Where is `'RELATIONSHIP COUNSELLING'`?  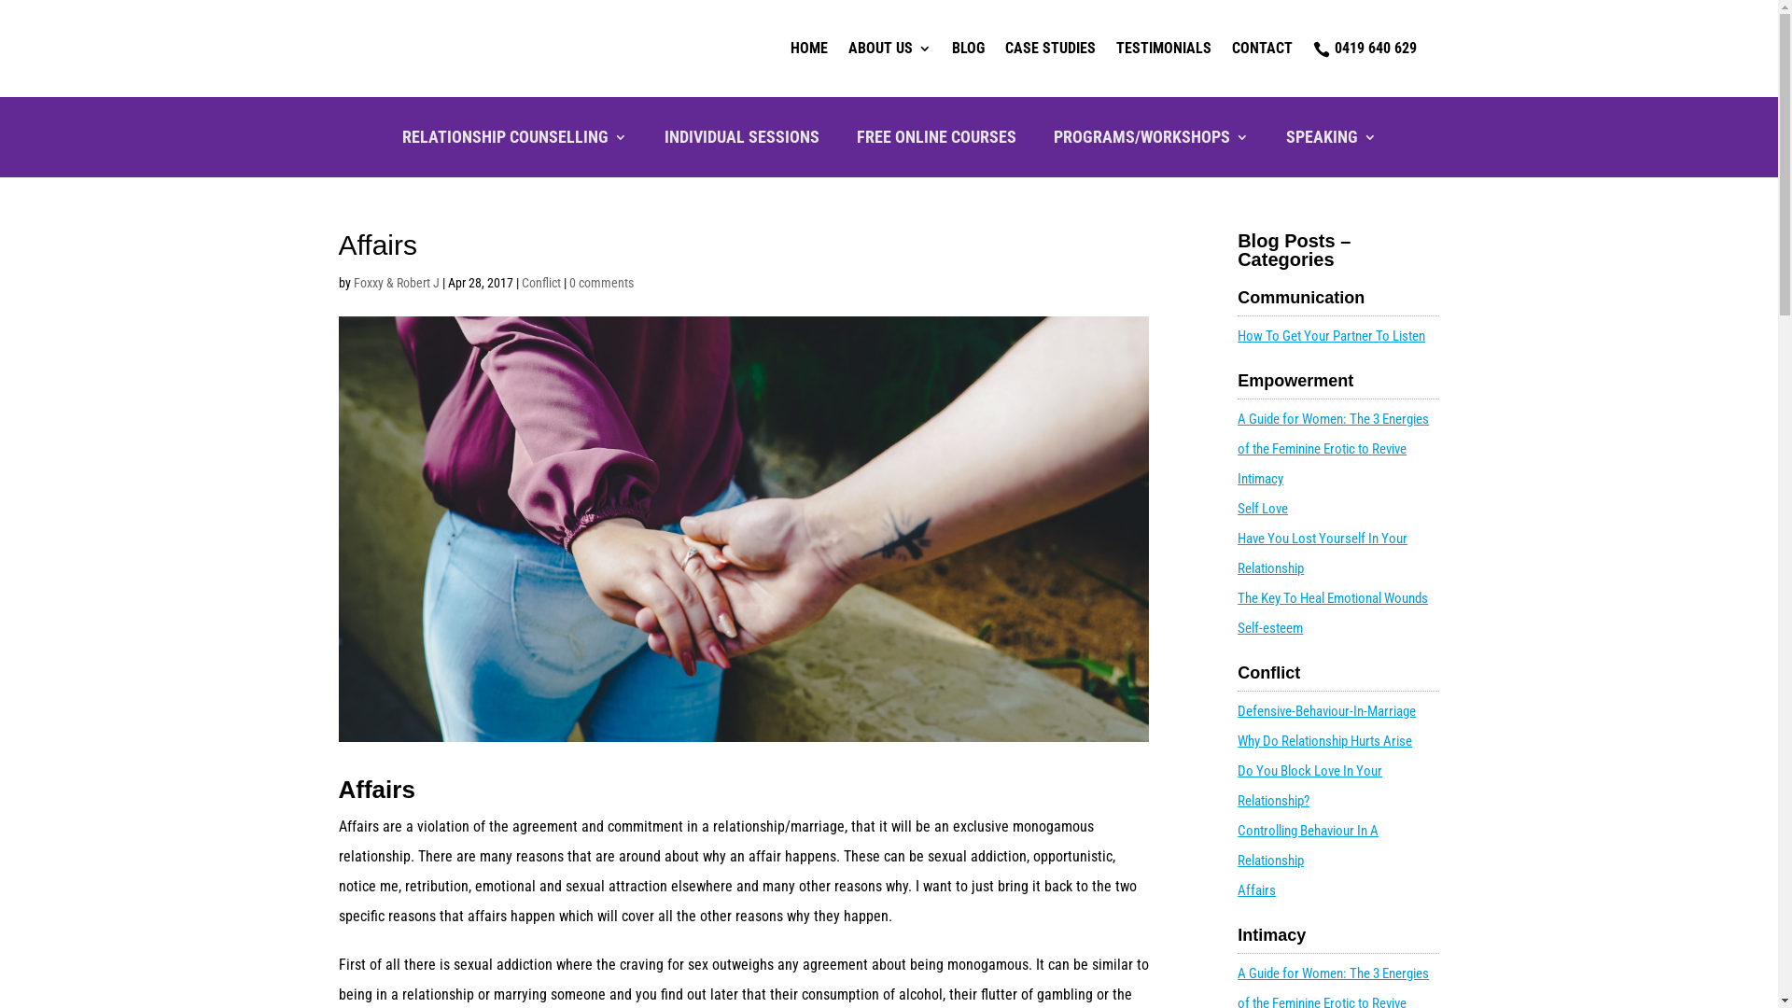 'RELATIONSHIP COUNSELLING' is located at coordinates (400, 139).